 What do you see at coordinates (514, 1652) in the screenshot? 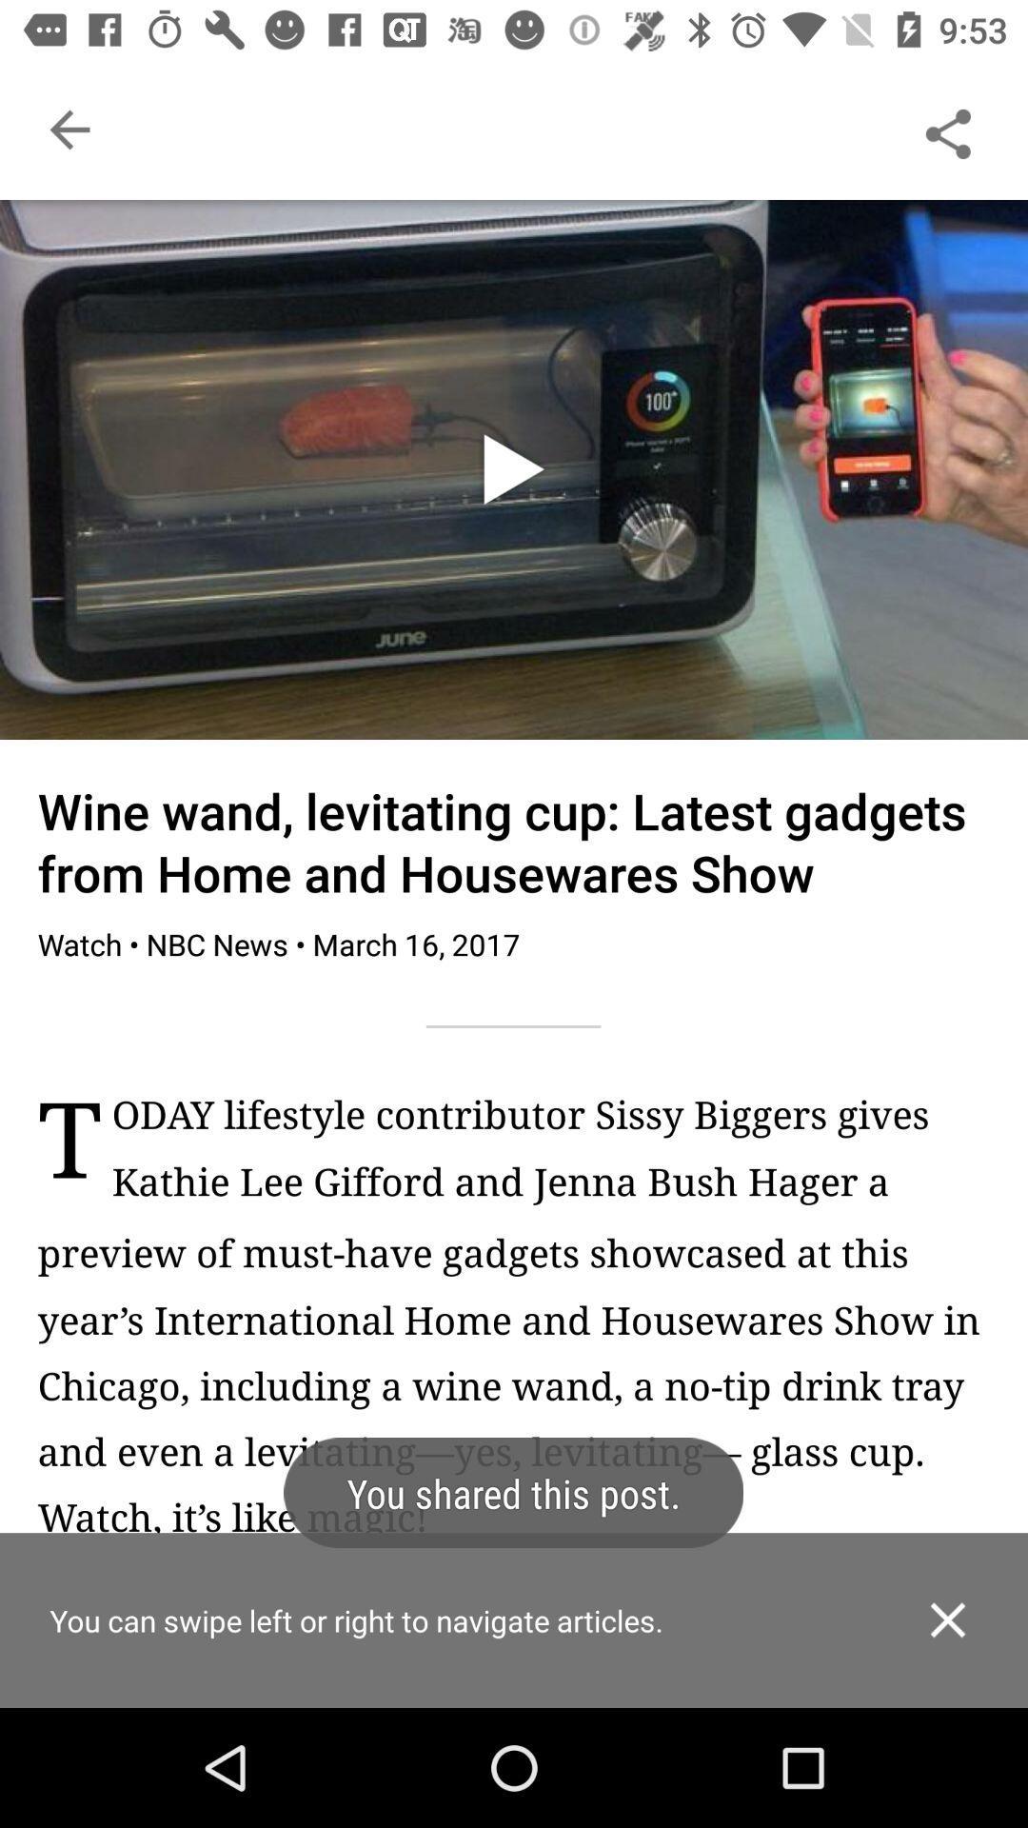
I see `the navigate articles` at bounding box center [514, 1652].